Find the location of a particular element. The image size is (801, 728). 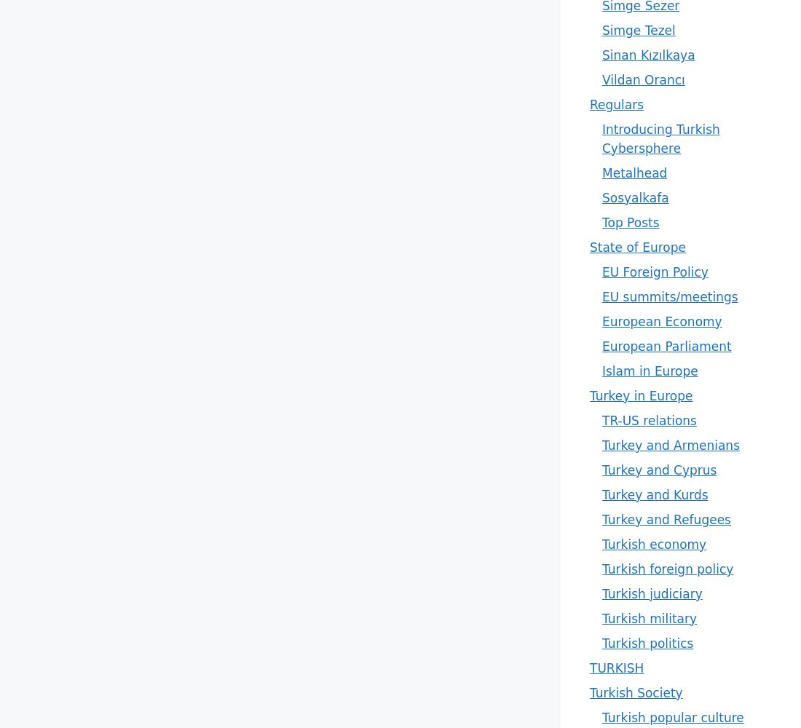

'EU Foreign Policy' is located at coordinates (655, 271).